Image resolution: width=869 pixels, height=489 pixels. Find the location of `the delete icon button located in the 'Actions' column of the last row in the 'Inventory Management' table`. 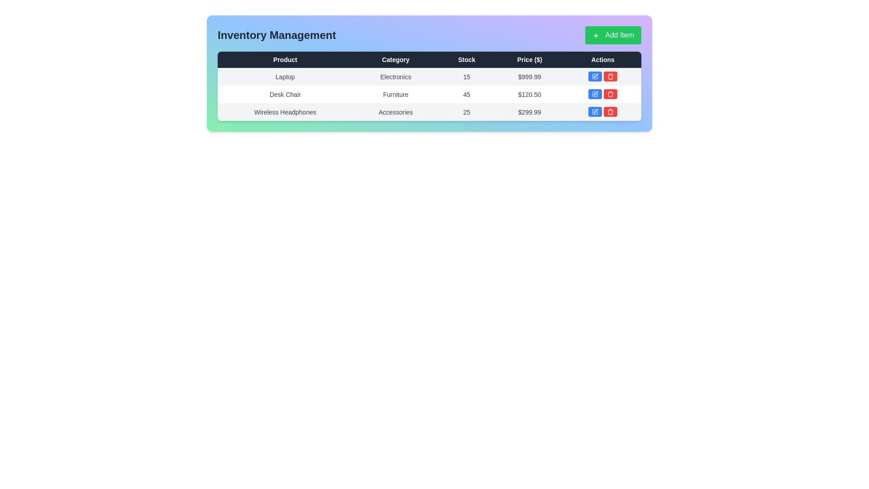

the delete icon button located in the 'Actions' column of the last row in the 'Inventory Management' table is located at coordinates (611, 94).